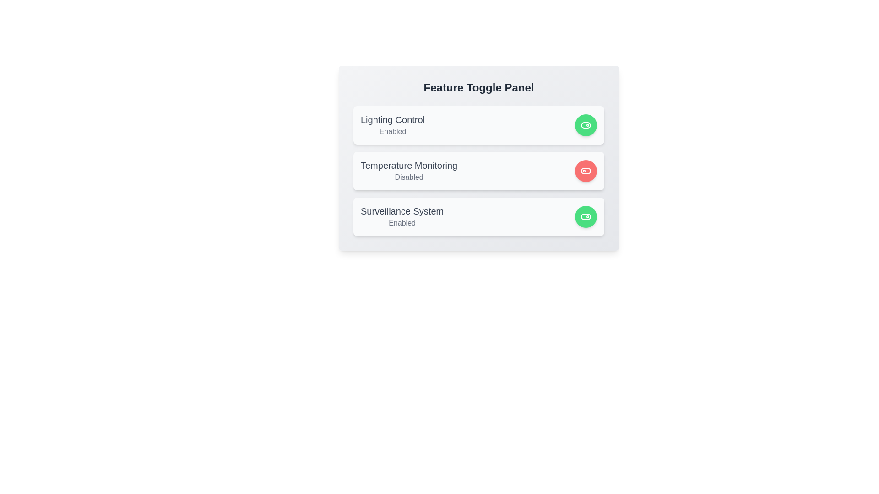 The height and width of the screenshot is (494, 879). What do you see at coordinates (586, 171) in the screenshot?
I see `the toggle button for Temperature Monitoring to change its state` at bounding box center [586, 171].